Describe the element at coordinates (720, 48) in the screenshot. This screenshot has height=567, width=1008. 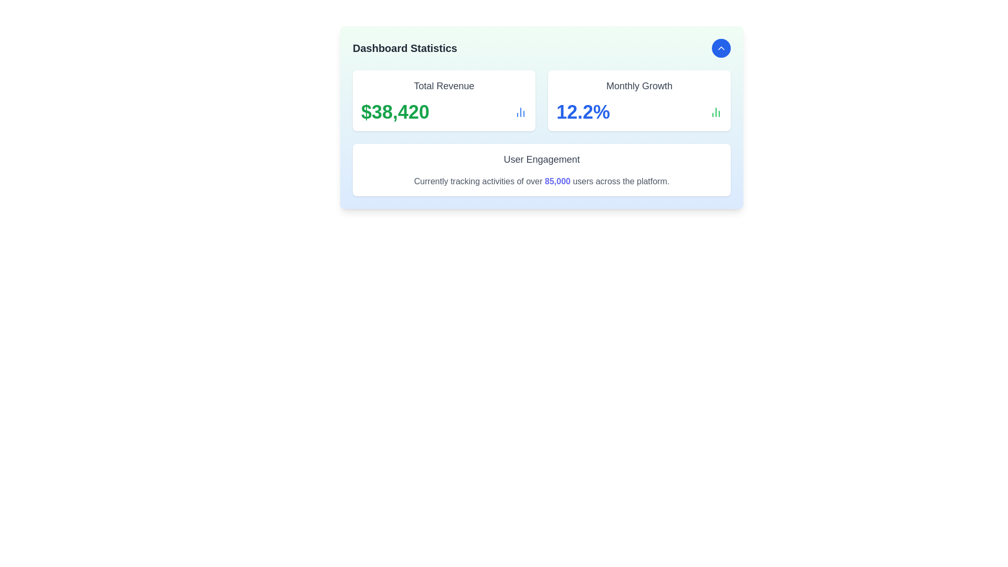
I see `the blue circular button containing the chevron-up icon located at the top-right corner of the card displaying dashboard statistics` at that location.